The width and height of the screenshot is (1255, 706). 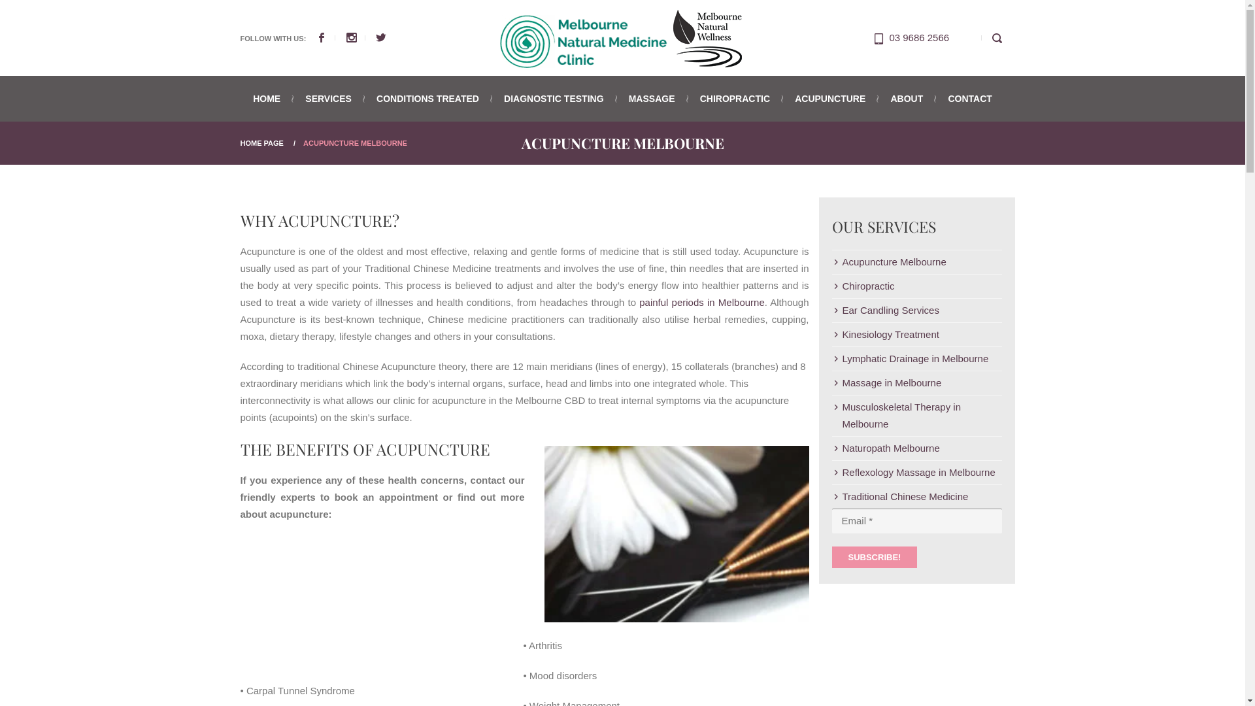 I want to click on 'painful periods in Melbourne', so click(x=701, y=302).